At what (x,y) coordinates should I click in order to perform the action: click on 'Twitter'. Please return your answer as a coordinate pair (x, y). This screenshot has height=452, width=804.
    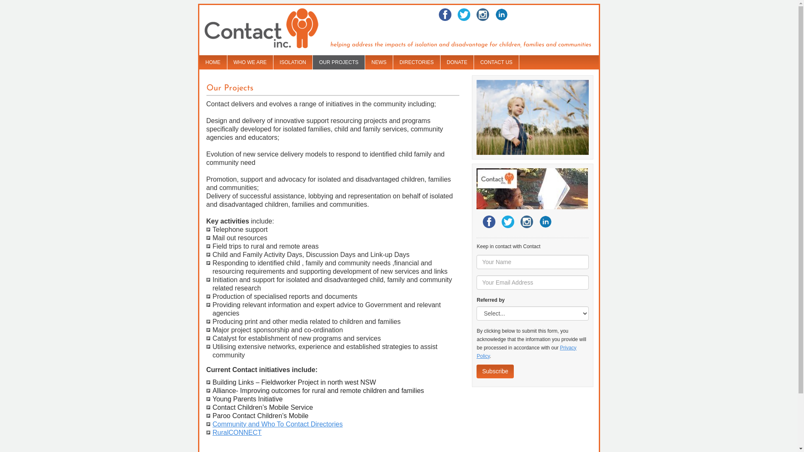
    Looking at the image, I should click on (526, 221).